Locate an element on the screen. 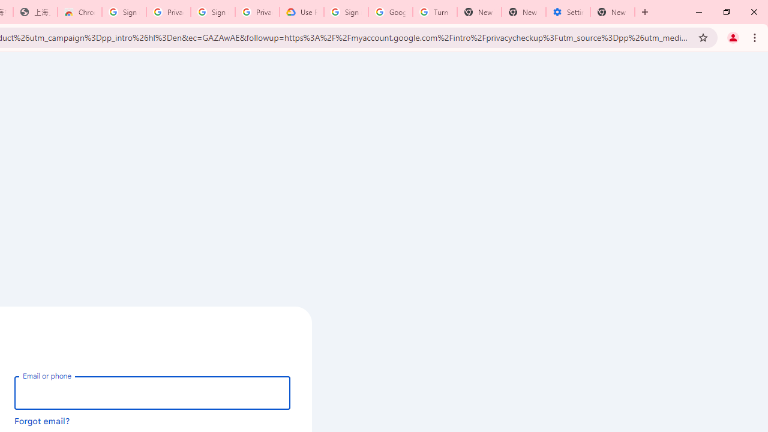 Image resolution: width=768 pixels, height=432 pixels. 'Settings - System' is located at coordinates (568, 12).